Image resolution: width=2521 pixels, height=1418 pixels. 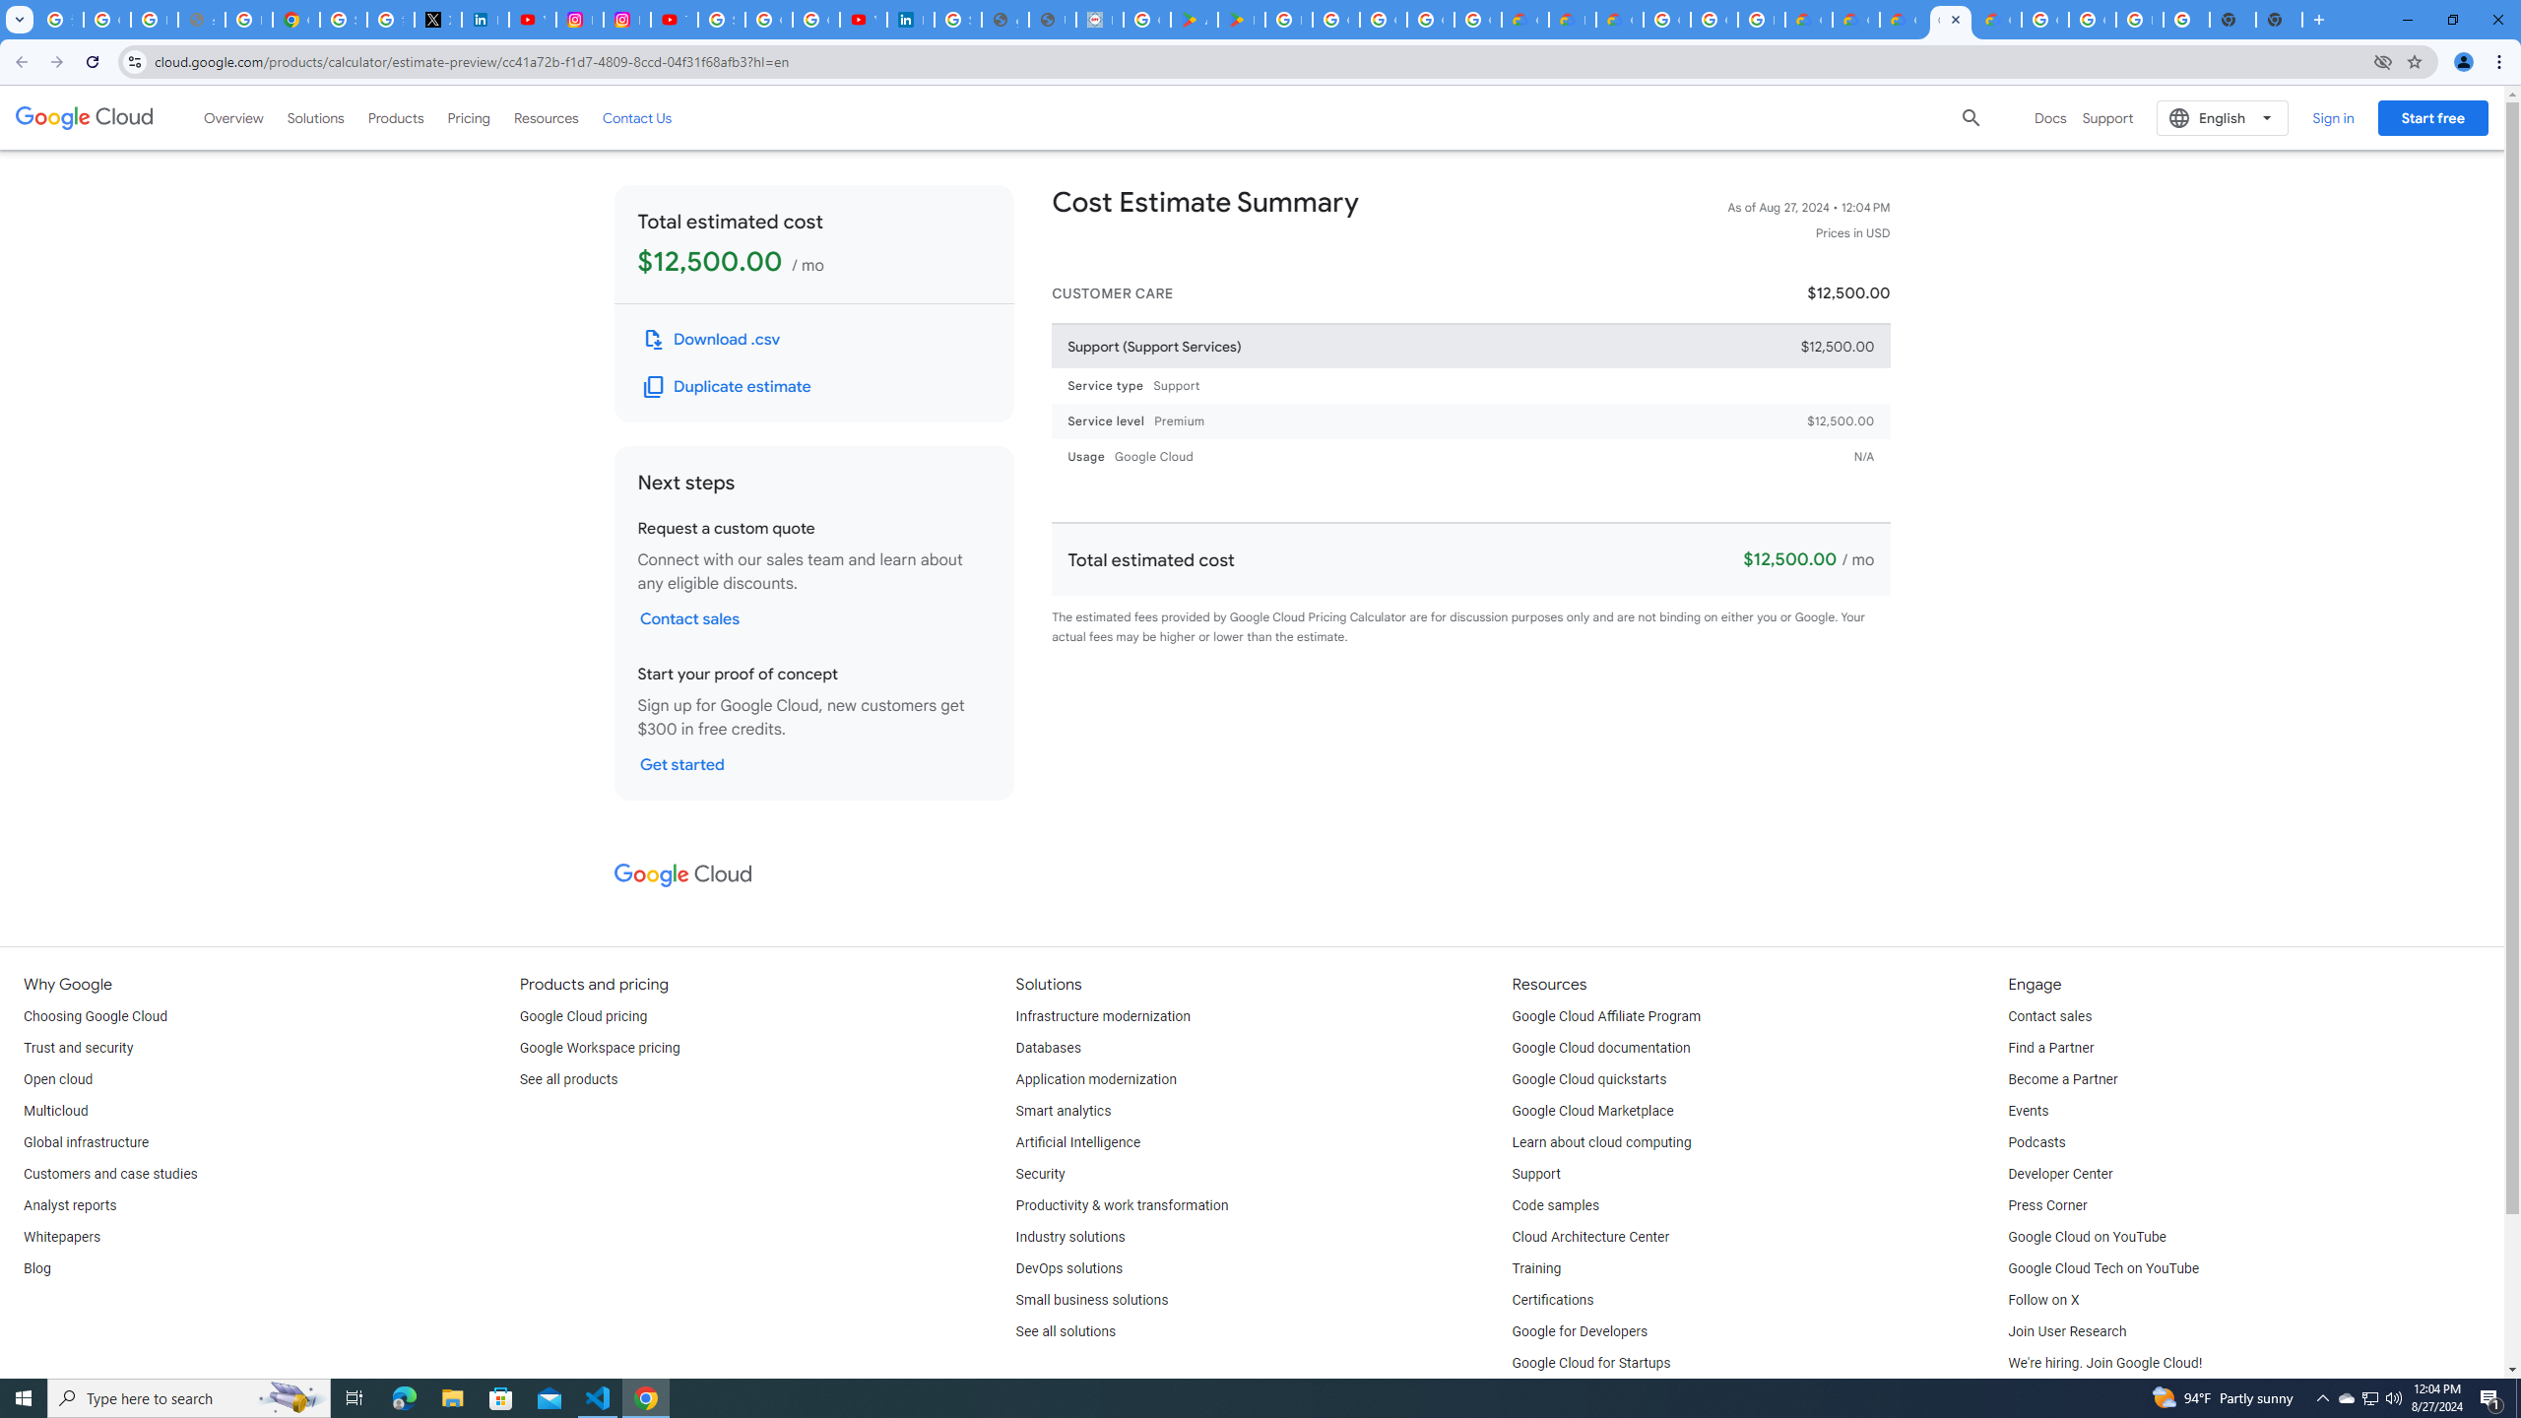 What do you see at coordinates (1903, 19) in the screenshot?
I see `'Google Cloud Estimate Summary'` at bounding box center [1903, 19].